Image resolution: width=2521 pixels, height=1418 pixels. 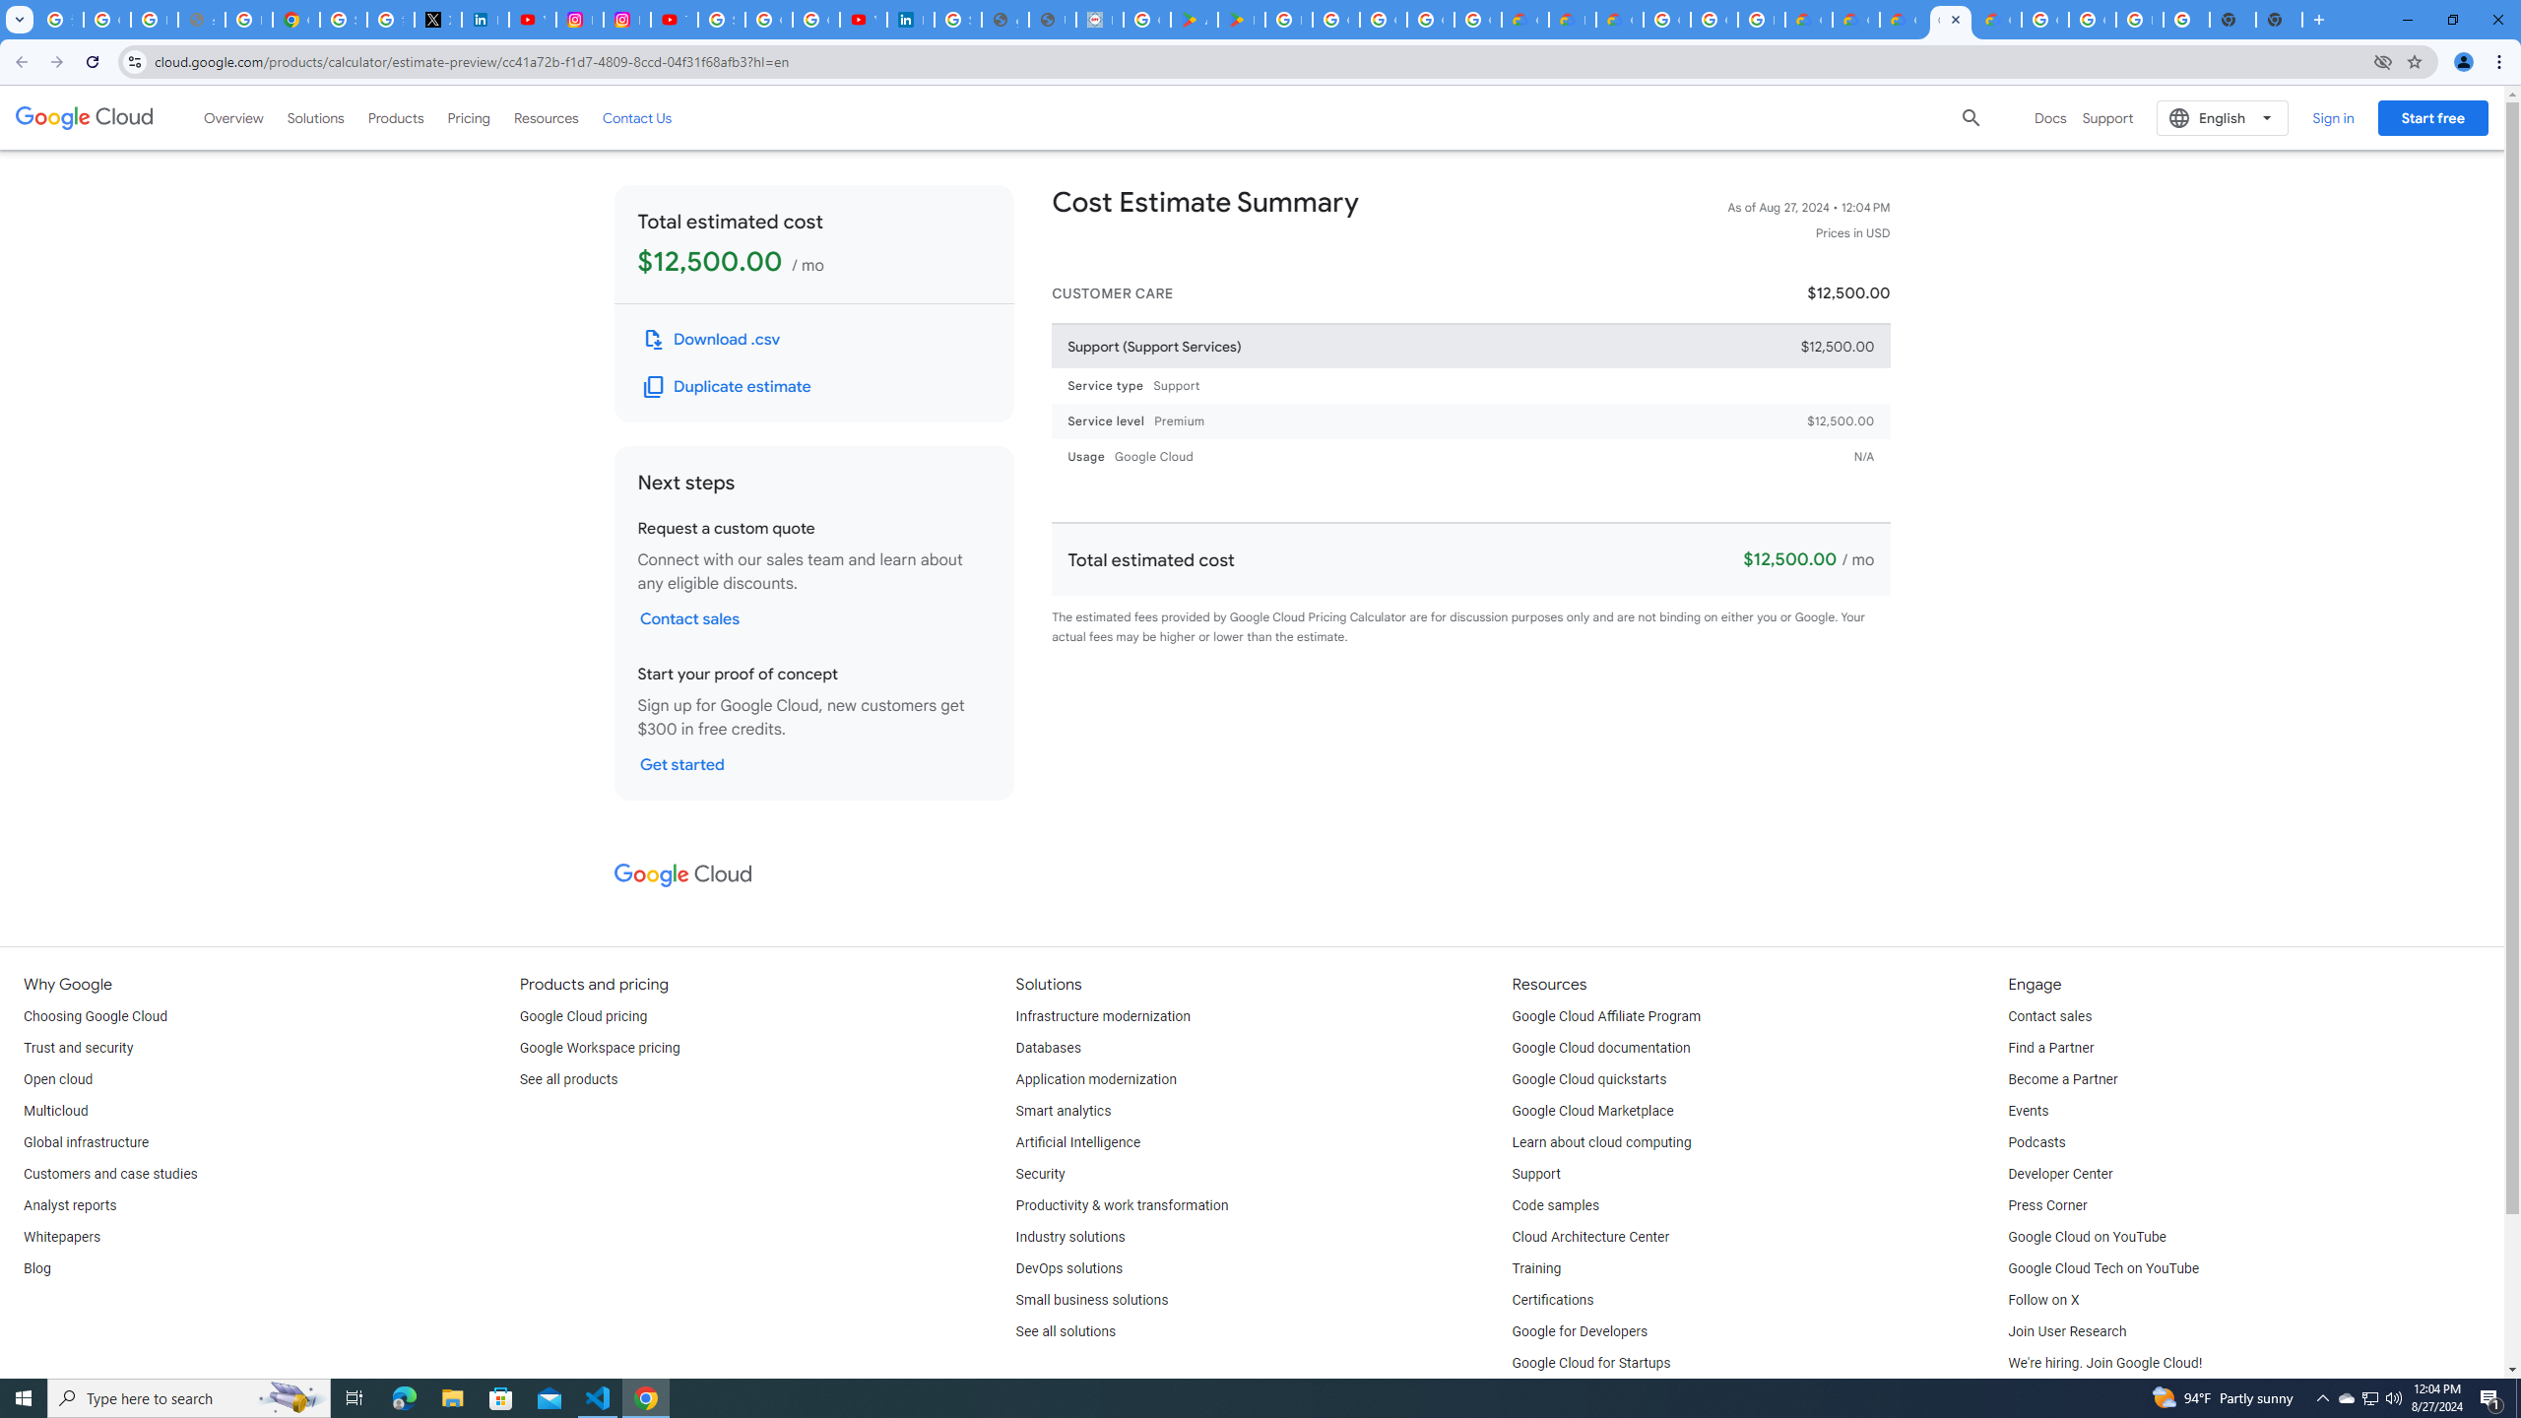 What do you see at coordinates (1903, 19) in the screenshot?
I see `'Google Cloud Estimate Summary'` at bounding box center [1903, 19].